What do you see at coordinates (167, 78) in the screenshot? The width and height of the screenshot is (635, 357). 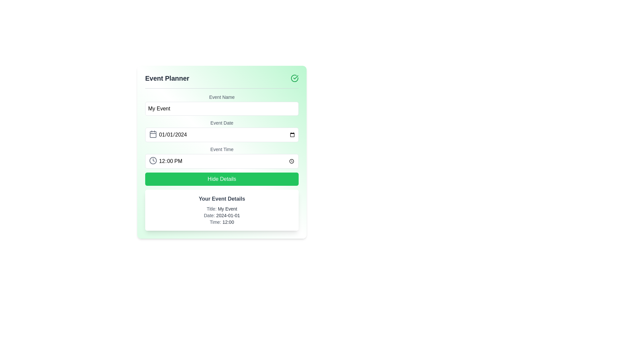 I see `the 'Event Planner' text label, which is styled in bold gray text and located at the top-left portion of the event details panel` at bounding box center [167, 78].